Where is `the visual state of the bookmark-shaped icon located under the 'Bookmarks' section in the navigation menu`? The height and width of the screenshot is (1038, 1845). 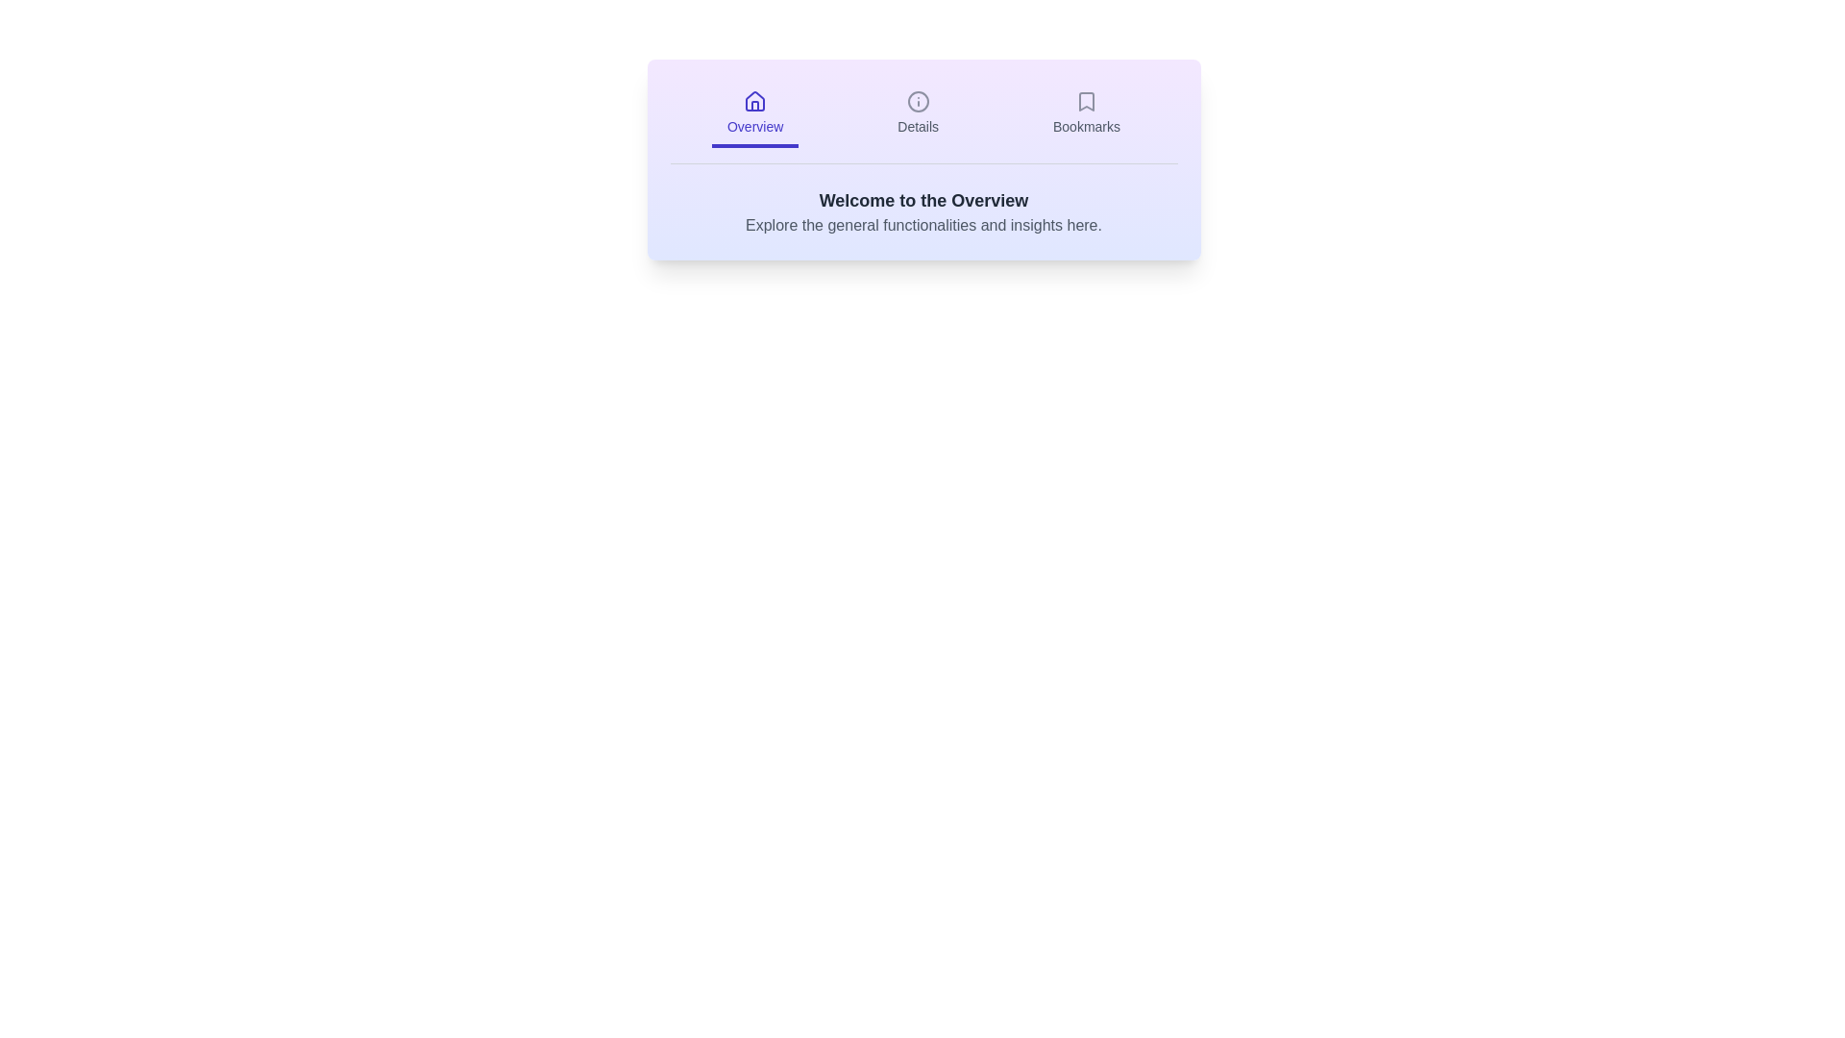 the visual state of the bookmark-shaped icon located under the 'Bookmarks' section in the navigation menu is located at coordinates (1087, 101).